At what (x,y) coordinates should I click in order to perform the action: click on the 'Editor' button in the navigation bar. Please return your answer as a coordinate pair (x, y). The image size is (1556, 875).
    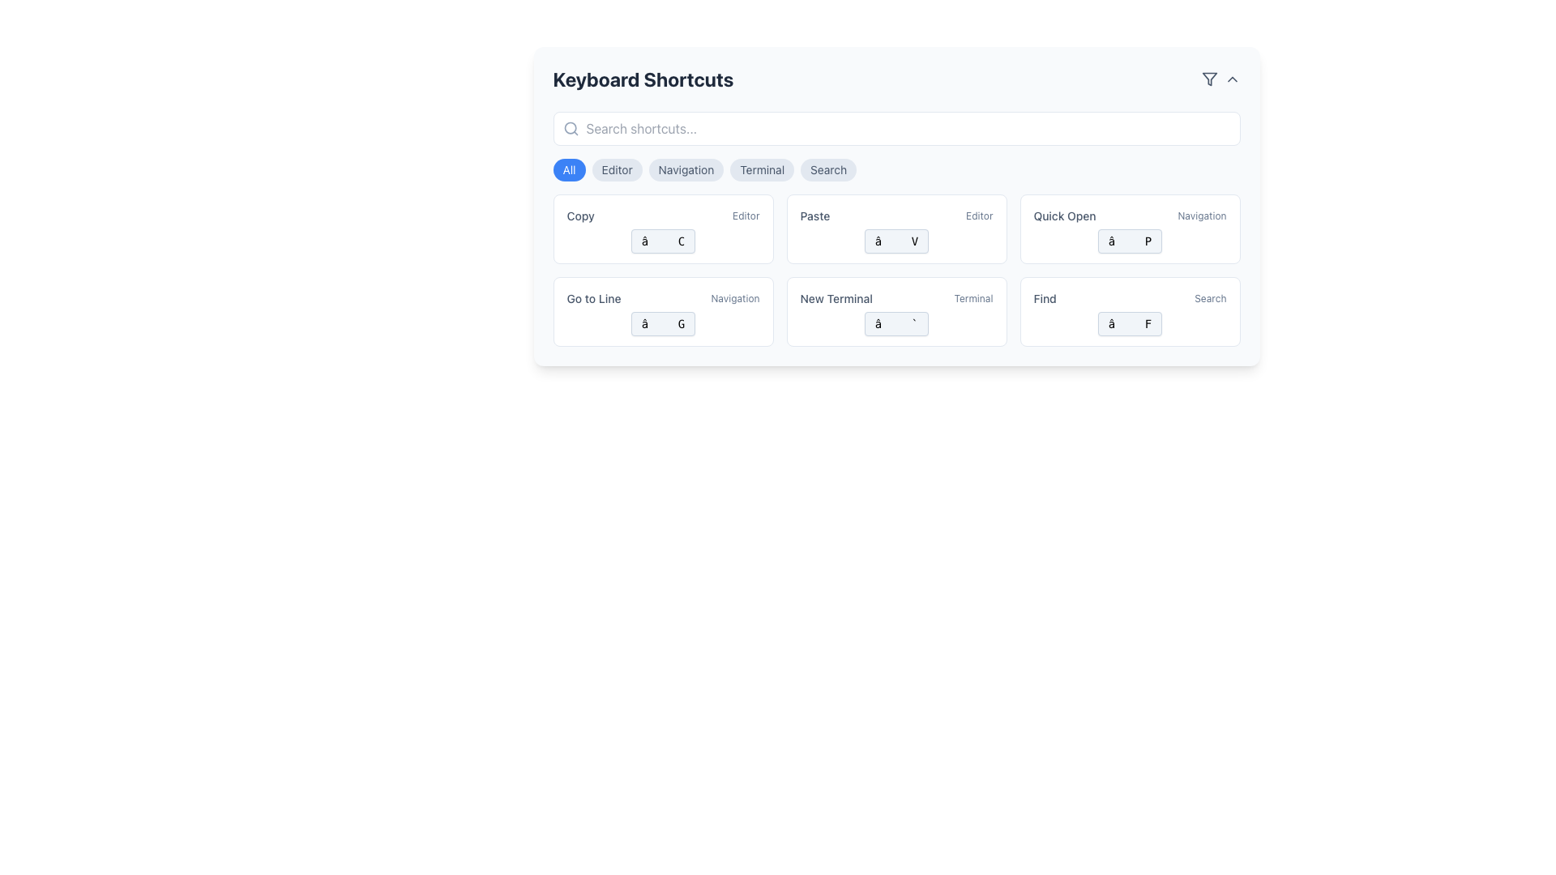
    Looking at the image, I should click on (896, 169).